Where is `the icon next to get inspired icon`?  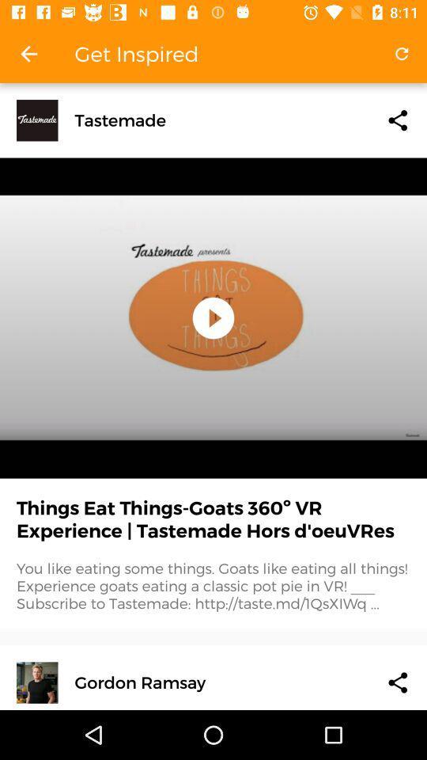
the icon next to get inspired icon is located at coordinates (402, 54).